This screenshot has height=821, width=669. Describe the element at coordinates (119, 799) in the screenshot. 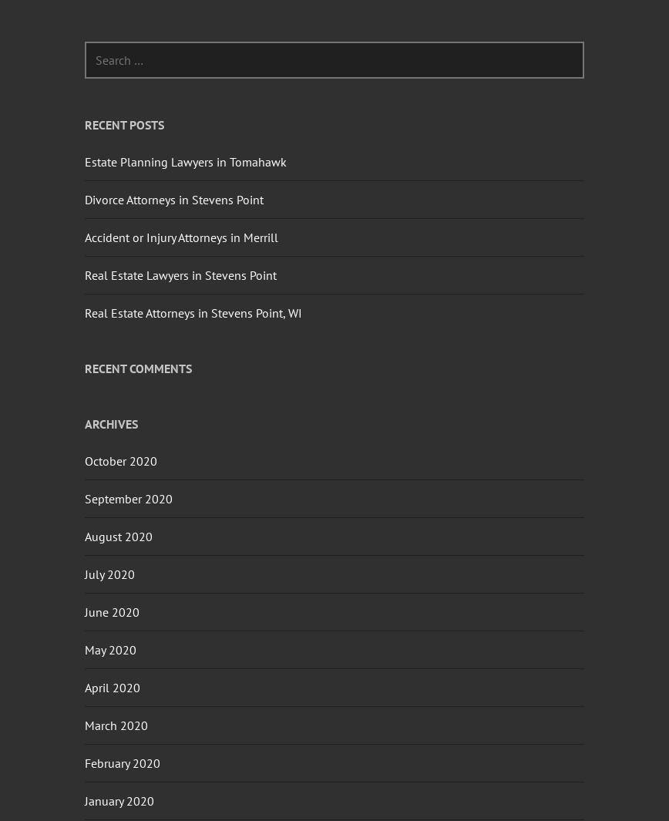

I see `'January 2020'` at that location.